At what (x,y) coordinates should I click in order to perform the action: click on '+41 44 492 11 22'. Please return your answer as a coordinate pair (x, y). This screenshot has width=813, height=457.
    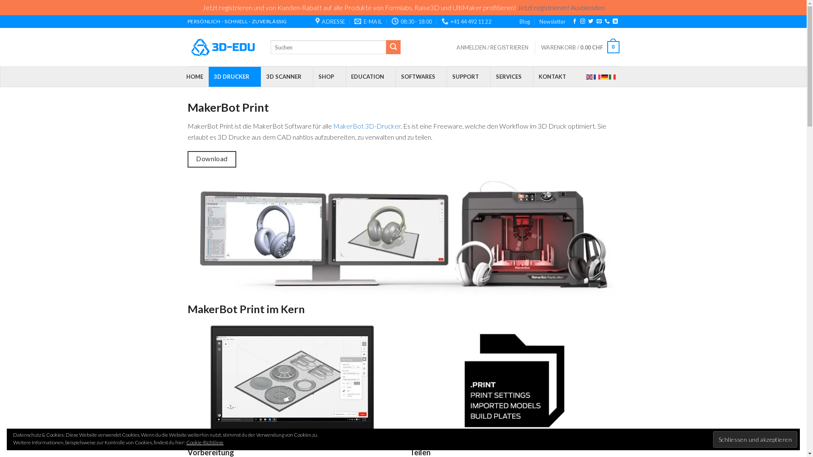
    Looking at the image, I should click on (466, 21).